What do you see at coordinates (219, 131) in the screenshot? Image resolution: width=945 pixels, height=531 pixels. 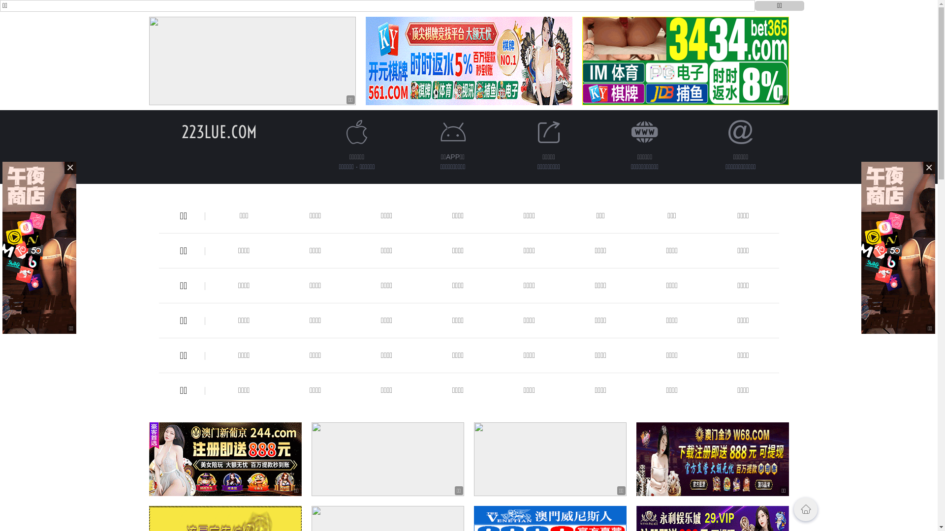 I see `'223LUE.COM'` at bounding box center [219, 131].